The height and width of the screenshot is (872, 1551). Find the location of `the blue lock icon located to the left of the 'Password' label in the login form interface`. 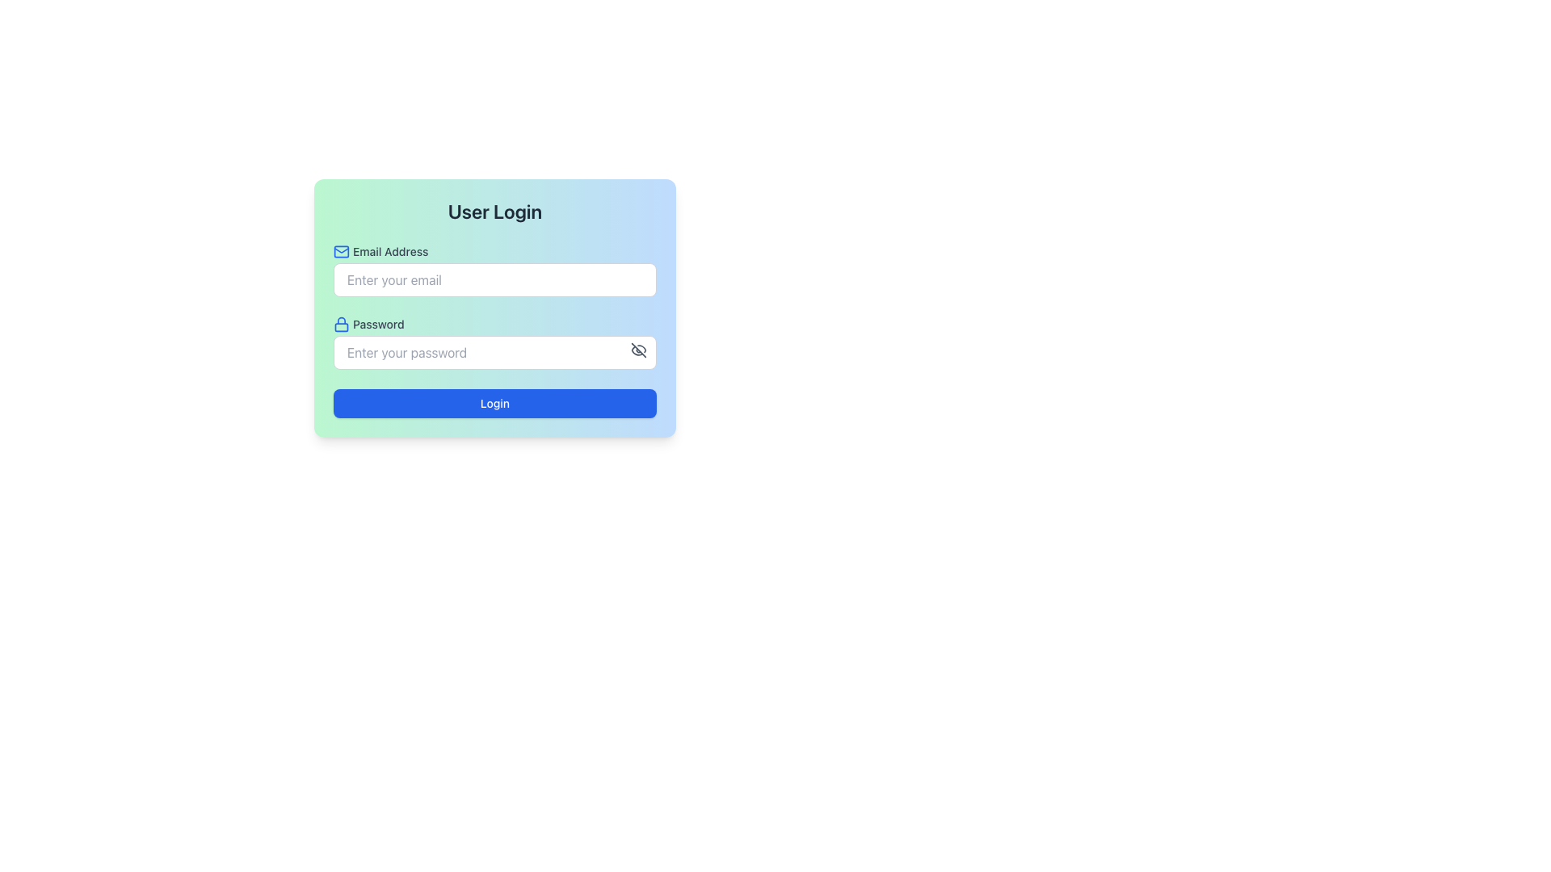

the blue lock icon located to the left of the 'Password' label in the login form interface is located at coordinates (340, 324).